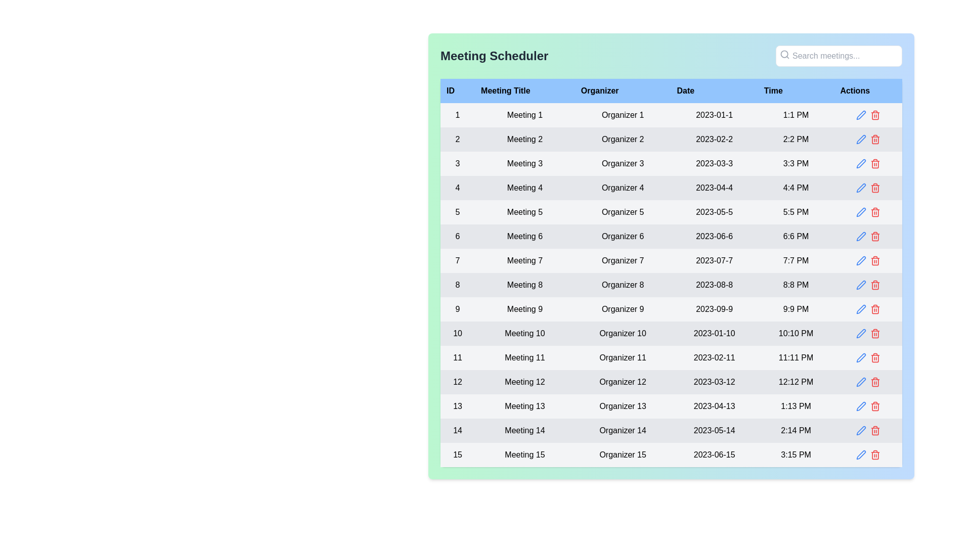 The height and width of the screenshot is (546, 971). I want to click on the Text Label displaying the organizer's information for the 11th meeting in the schedule table, located in the 11th row under the 'Organizer' column, so click(622, 357).